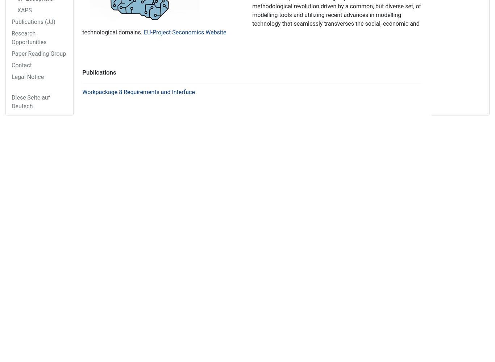 Image resolution: width=495 pixels, height=362 pixels. What do you see at coordinates (21, 65) in the screenshot?
I see `'Contact'` at bounding box center [21, 65].